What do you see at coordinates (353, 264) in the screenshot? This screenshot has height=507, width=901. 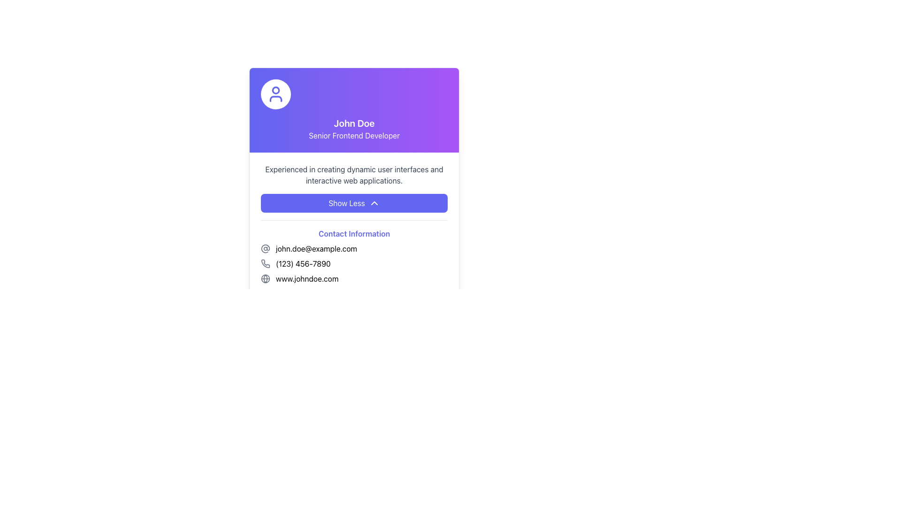 I see `the contact information display element that shows a phone number, located in the 'Contact Information' section, below the email address and above the website URL` at bounding box center [353, 264].